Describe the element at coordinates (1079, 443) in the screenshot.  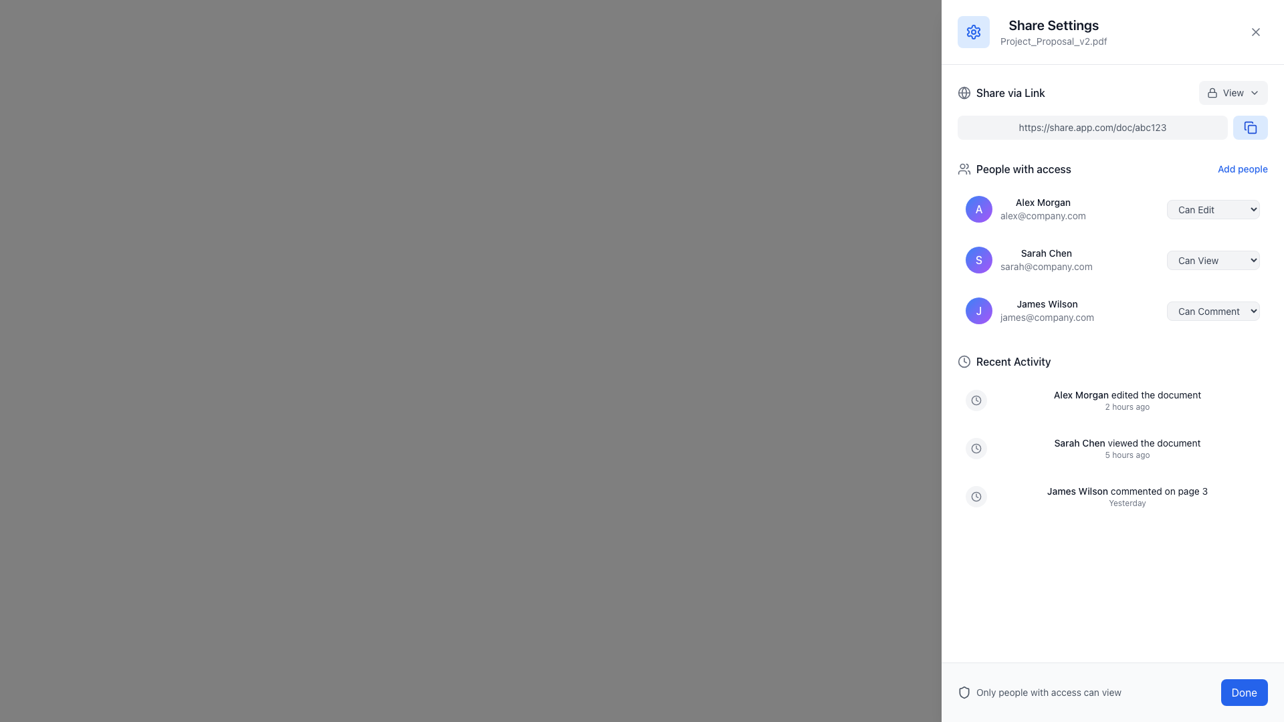
I see `the first text fragment in the second activity log entry within the 'Recent Activity' section on the right side of the interface` at that location.